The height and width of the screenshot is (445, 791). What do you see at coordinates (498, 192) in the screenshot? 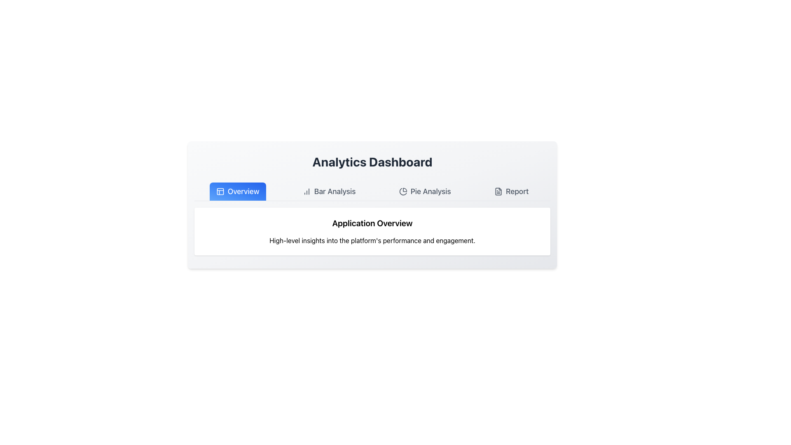
I see `the document icon with a folded corner located in the 'Report' tab, which is the fourth tab from the left in the navigation bar` at bounding box center [498, 192].